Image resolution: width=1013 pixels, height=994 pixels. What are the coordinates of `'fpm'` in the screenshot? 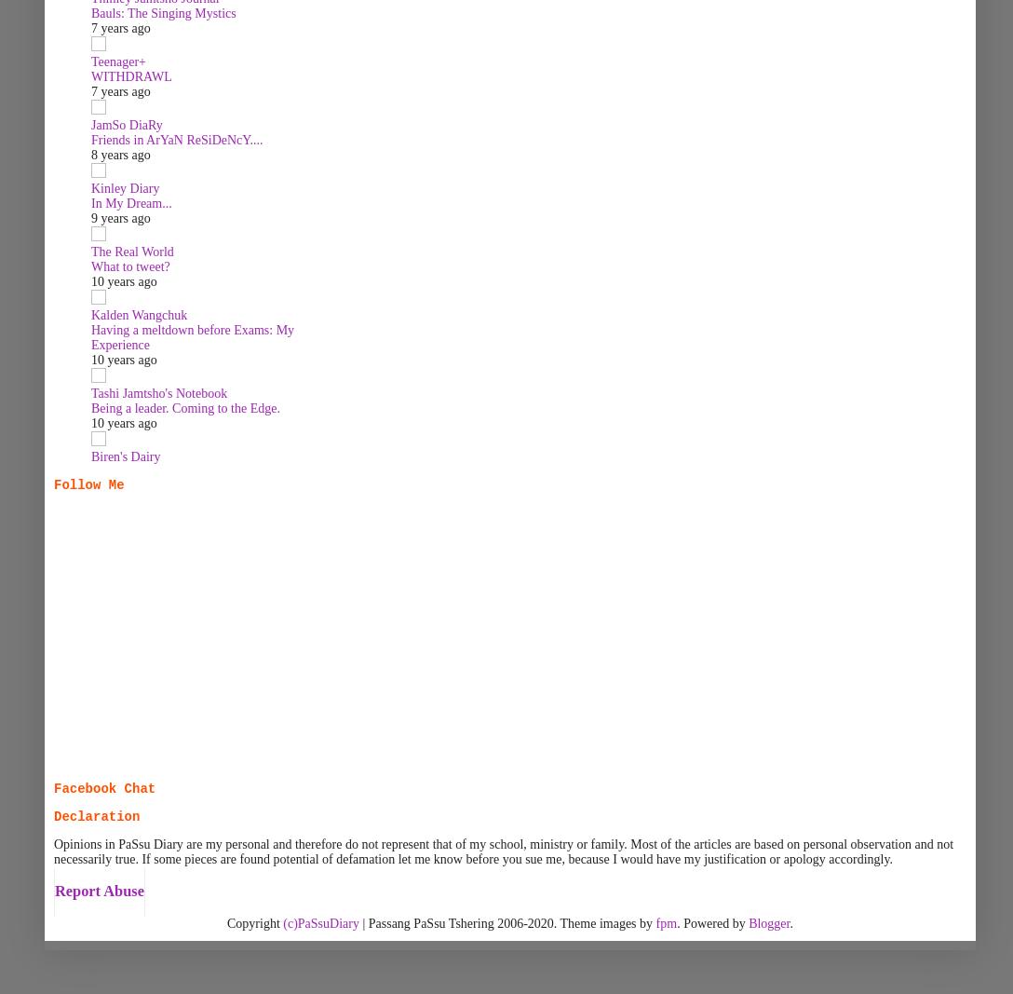 It's located at (665, 922).